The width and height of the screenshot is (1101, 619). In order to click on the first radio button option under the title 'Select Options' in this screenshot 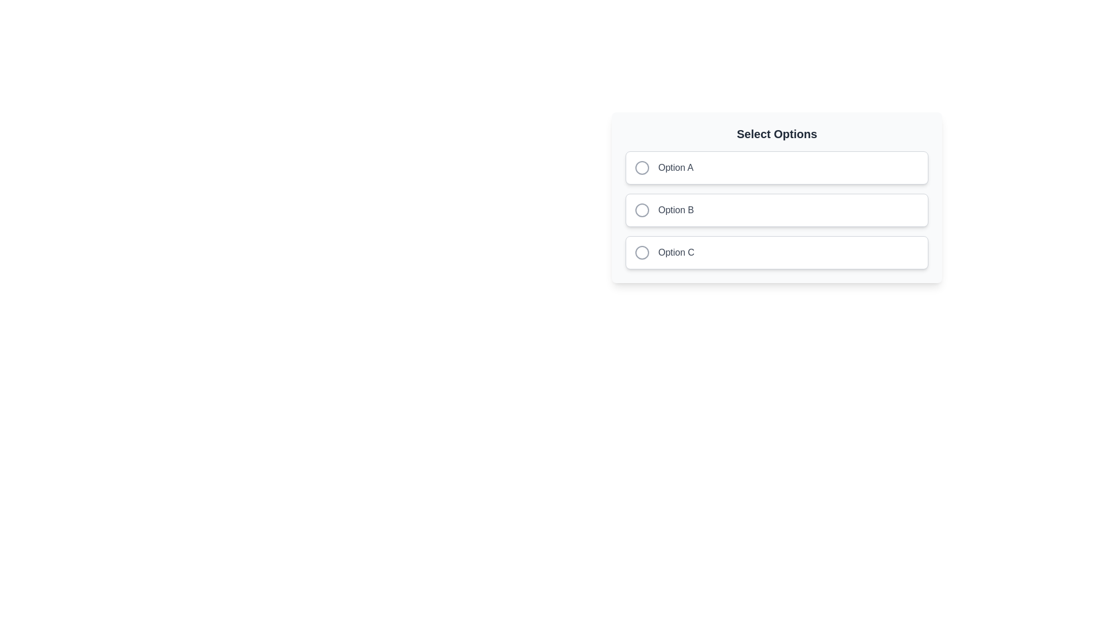, I will do `click(776, 168)`.